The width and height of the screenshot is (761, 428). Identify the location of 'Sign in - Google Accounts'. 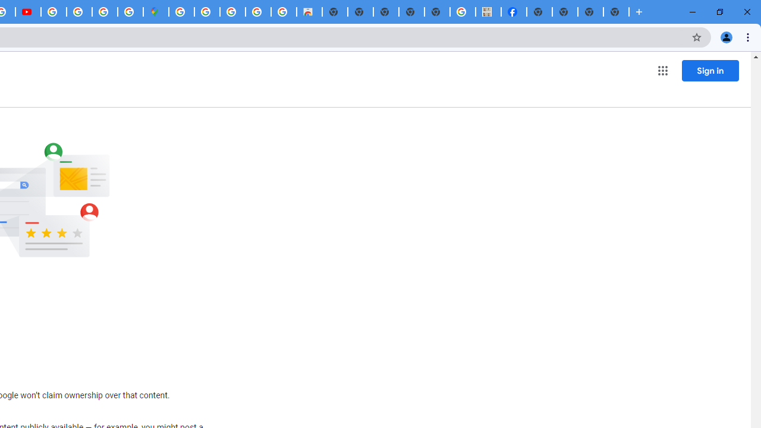
(181, 12).